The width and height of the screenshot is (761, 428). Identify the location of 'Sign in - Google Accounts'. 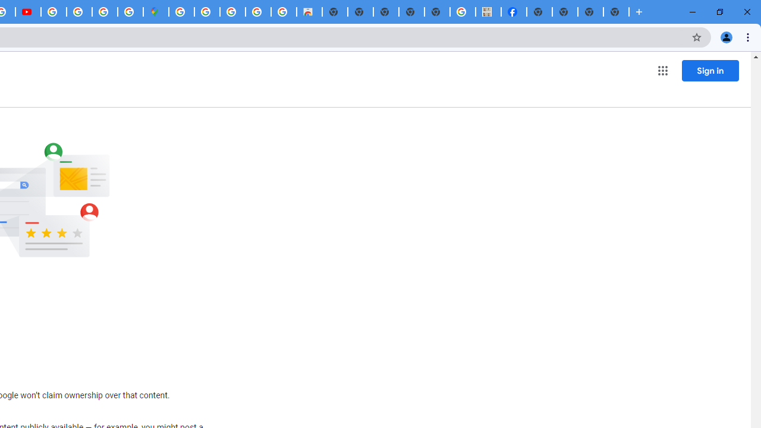
(181, 12).